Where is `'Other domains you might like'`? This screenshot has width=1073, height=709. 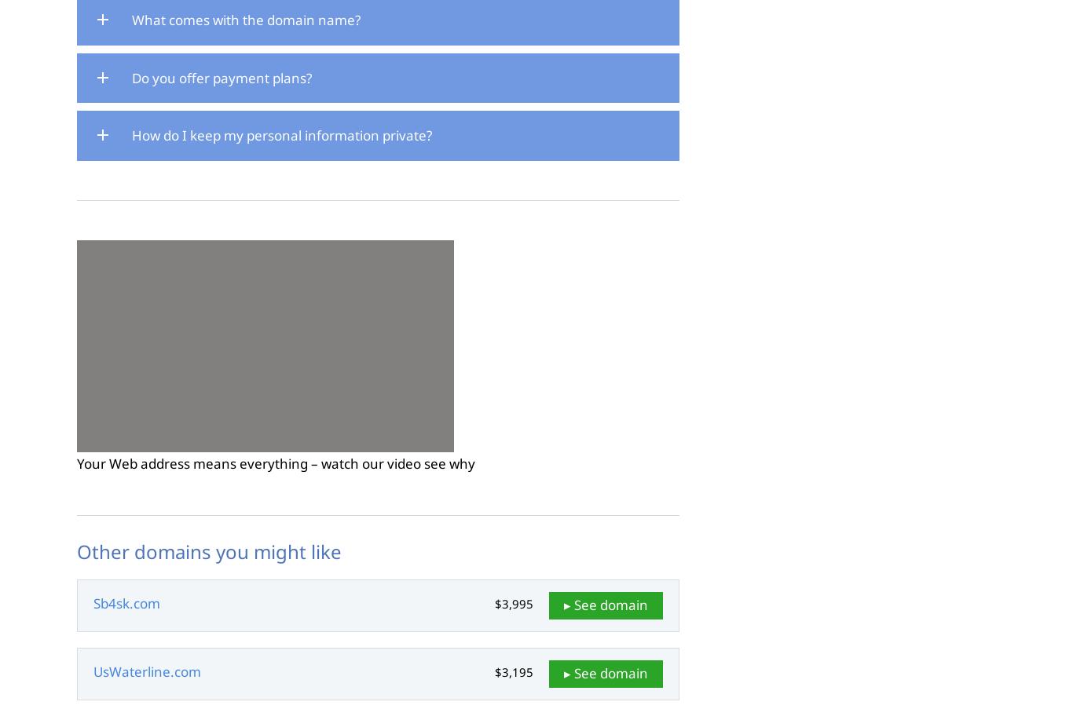
'Other domains you might like' is located at coordinates (209, 550).